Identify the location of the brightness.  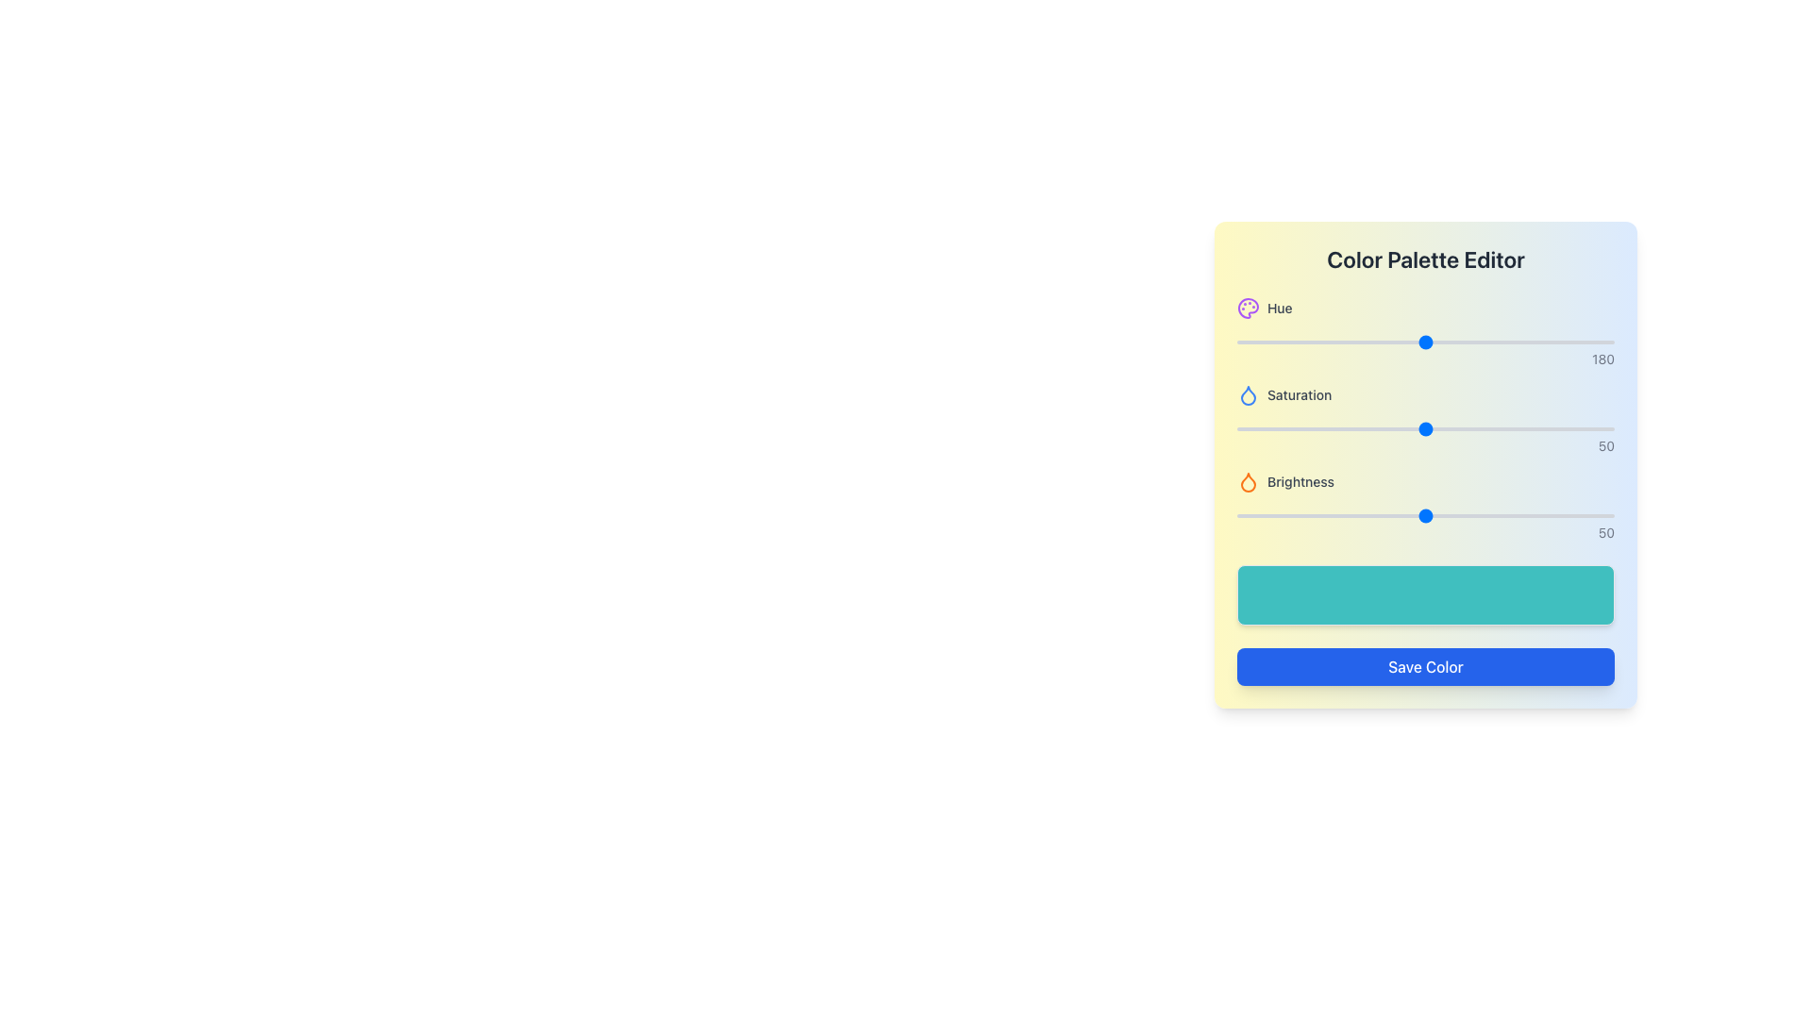
(1384, 516).